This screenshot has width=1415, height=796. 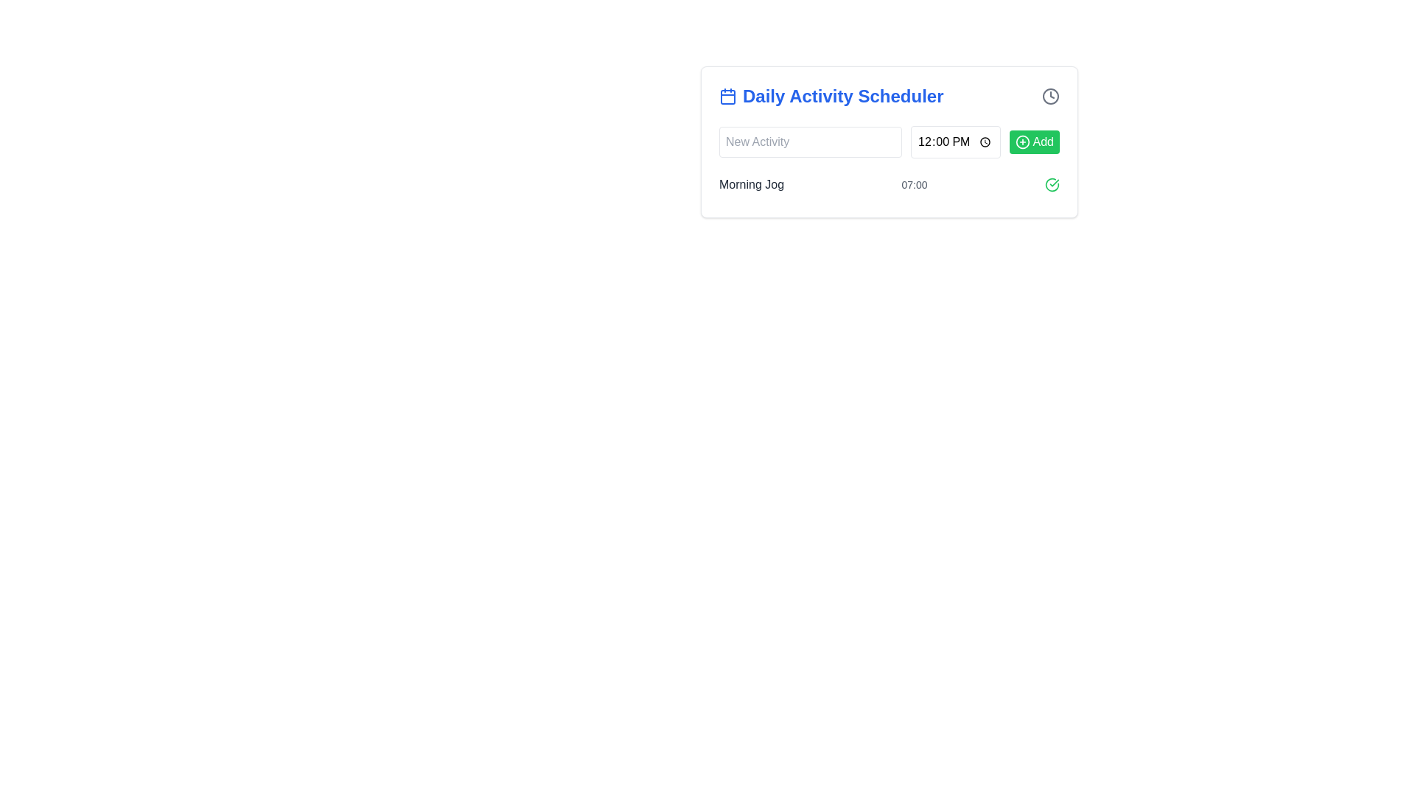 What do you see at coordinates (728, 97) in the screenshot?
I see `the Icon component of the calendar, which is located adjacent to the 'Daily Activity Scheduler' text in the header area` at bounding box center [728, 97].